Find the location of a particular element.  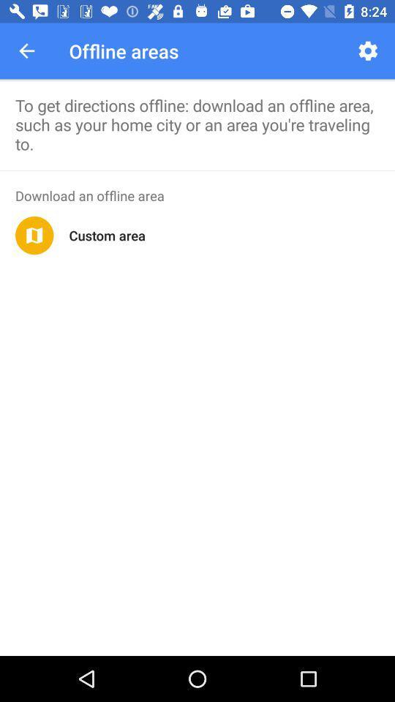

the app below the download an offline item is located at coordinates (34, 235).